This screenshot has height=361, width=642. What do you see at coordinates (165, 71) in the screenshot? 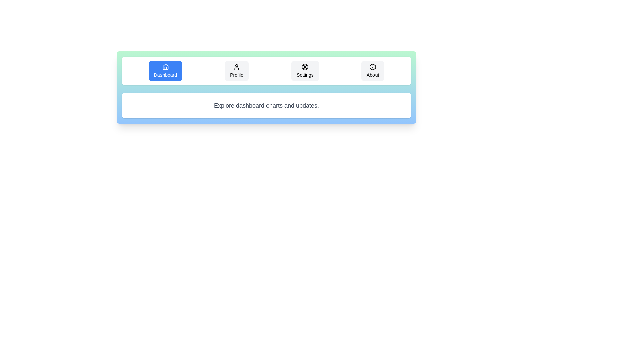
I see `the tab labeled Dashboard` at bounding box center [165, 71].